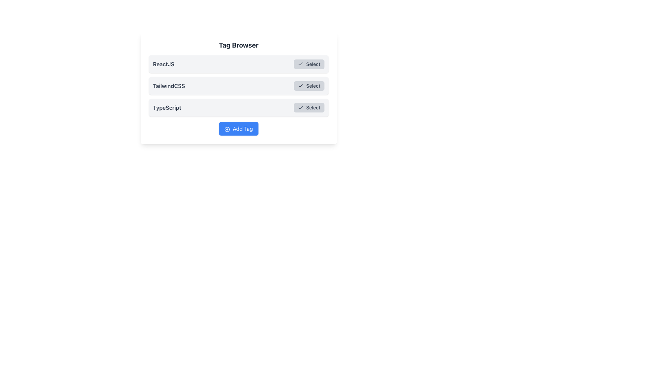  Describe the element at coordinates (238, 128) in the screenshot. I see `the button located at the bottom of the 'Tag Browser' box` at that location.